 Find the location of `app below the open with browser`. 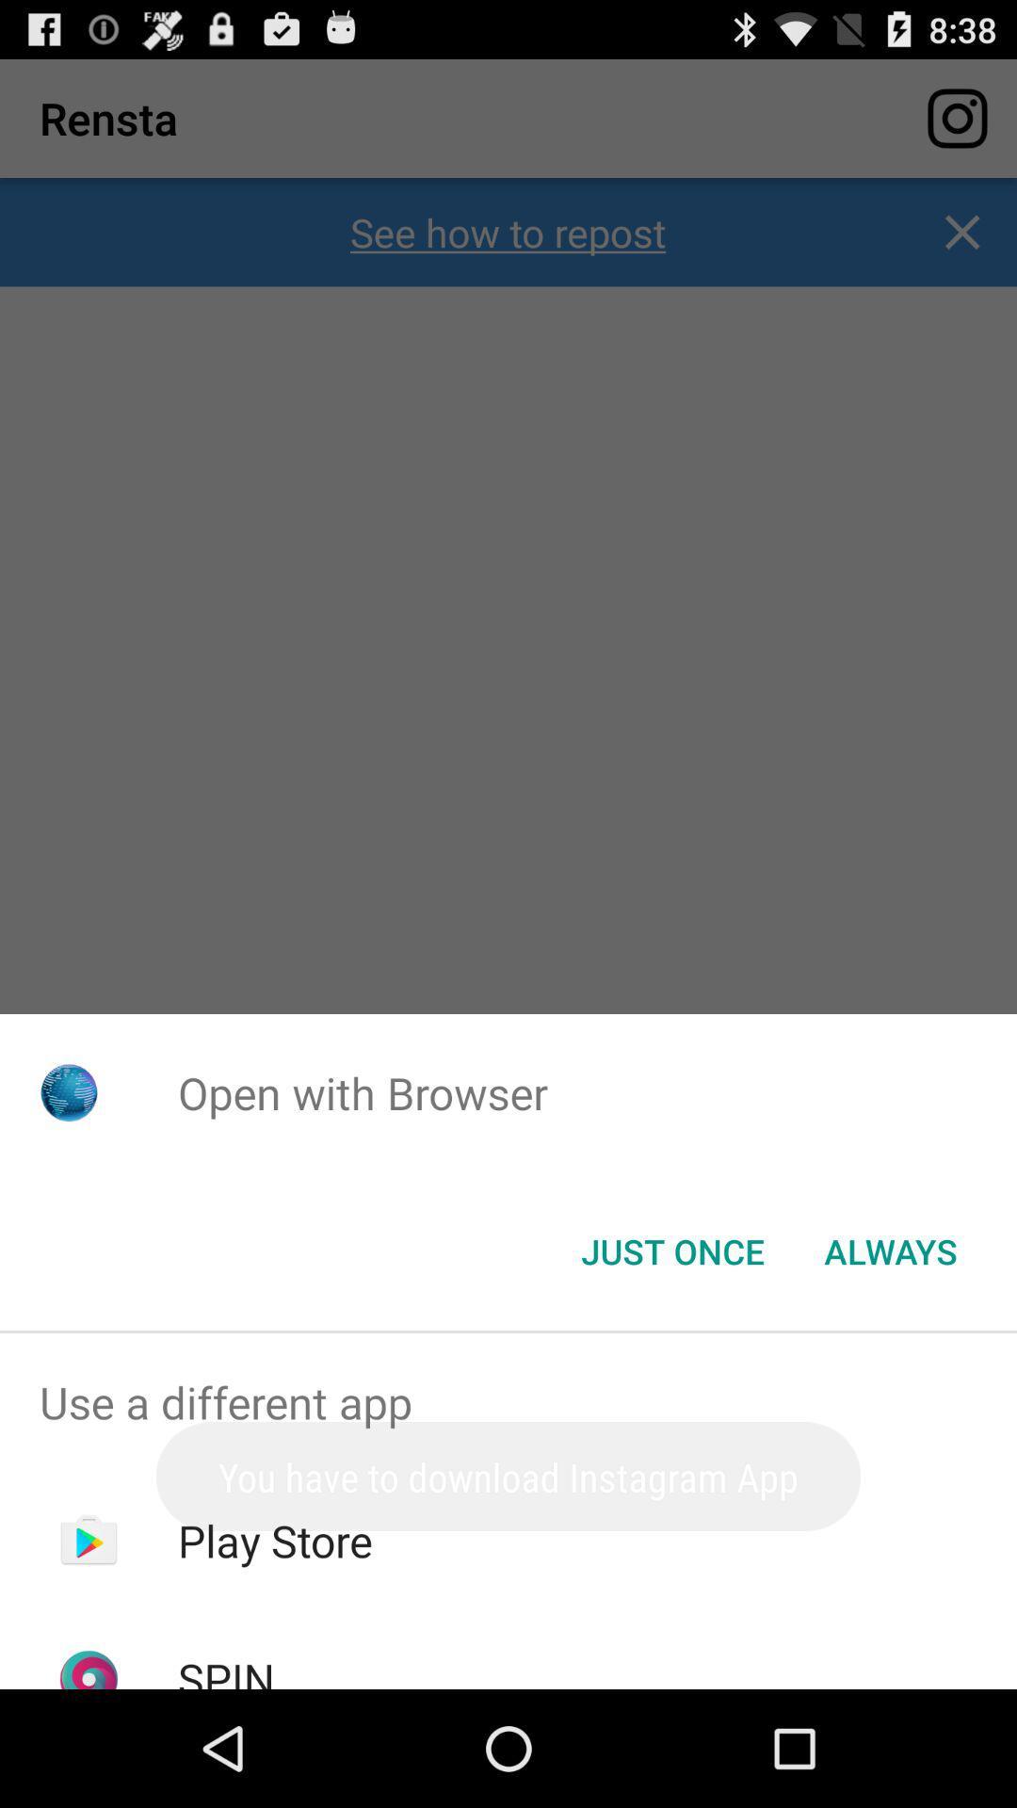

app below the open with browser is located at coordinates (890, 1251).